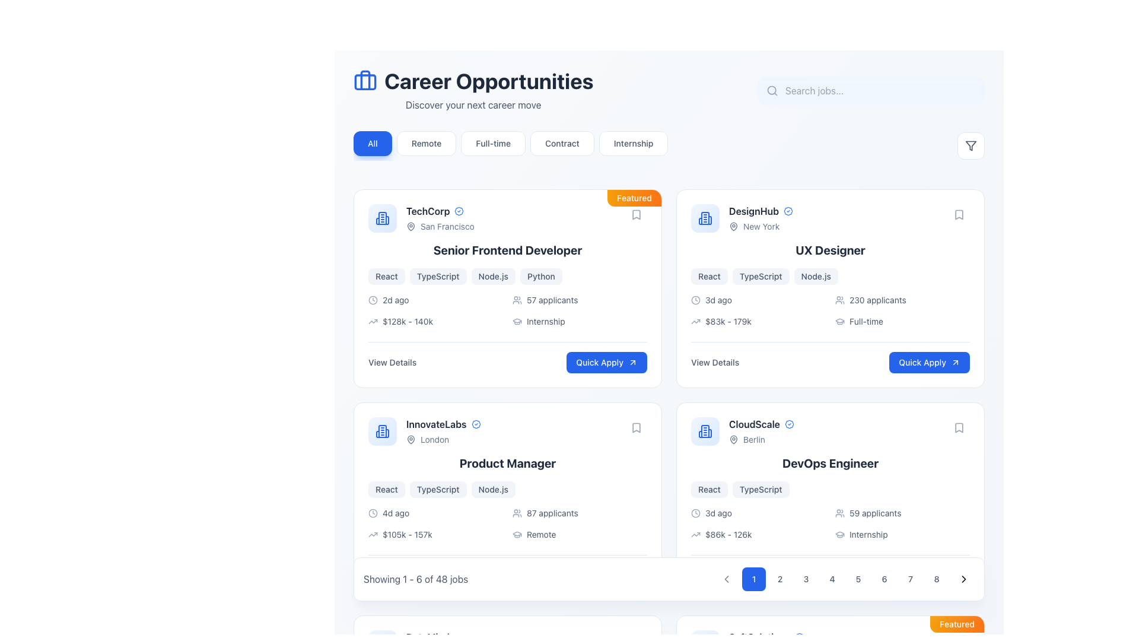 The height and width of the screenshot is (641, 1139). I want to click on the Label and Icon Group that identifies the company name and location in the job listing for the 'UX Designer' position, located in the upper half of the card, so click(742, 218).